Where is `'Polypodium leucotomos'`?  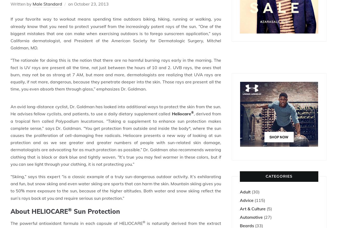
'Polypodium leucotomos' is located at coordinates (79, 121).